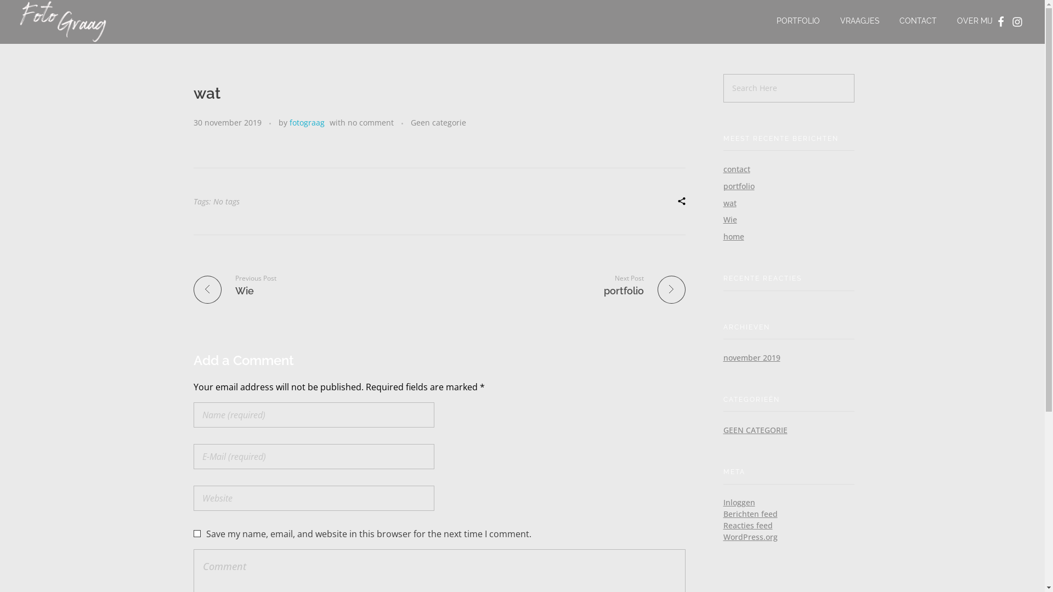 This screenshot has height=592, width=1053. Describe the element at coordinates (829, 21) in the screenshot. I see `'VRAAGJES'` at that location.